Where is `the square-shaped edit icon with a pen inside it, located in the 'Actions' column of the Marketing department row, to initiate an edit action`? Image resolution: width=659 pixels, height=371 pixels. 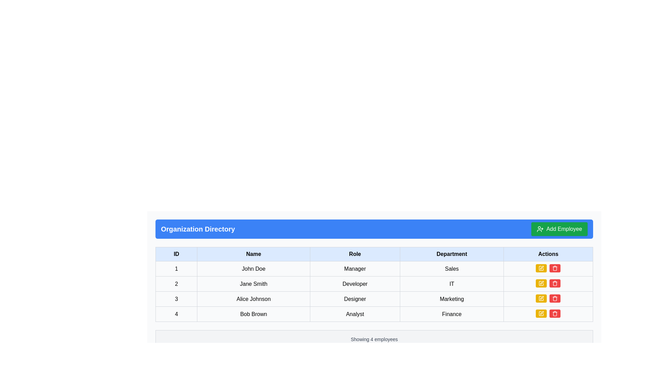
the square-shaped edit icon with a pen inside it, located in the 'Actions' column of the Marketing department row, to initiate an edit action is located at coordinates (541, 298).